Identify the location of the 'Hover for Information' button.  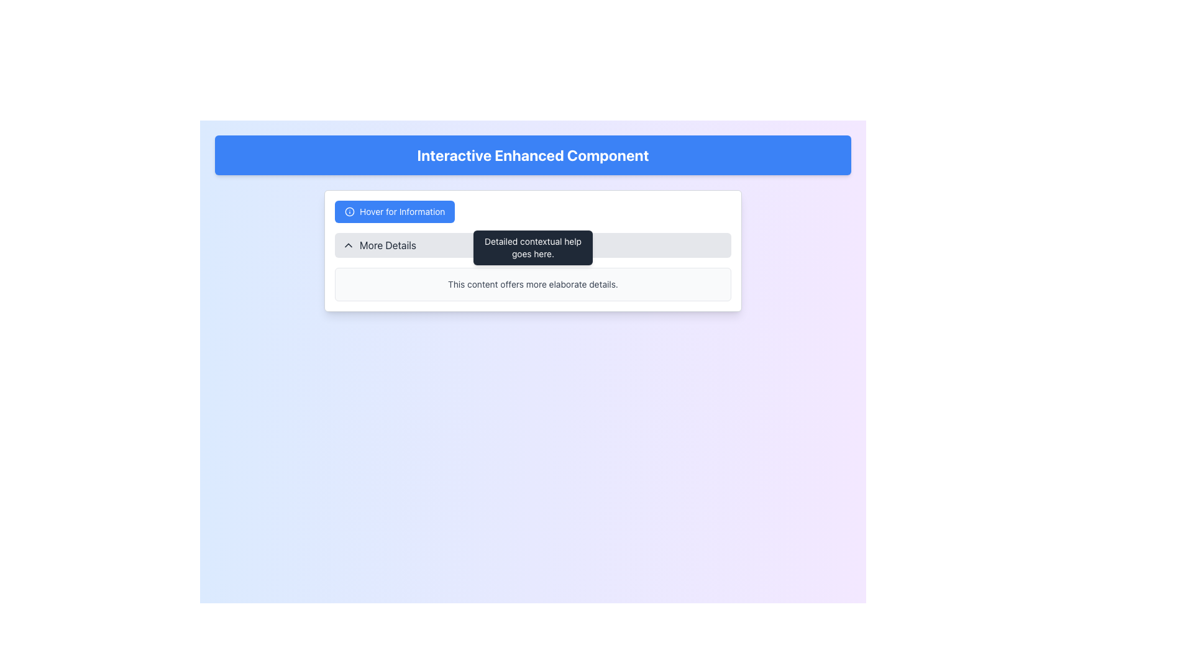
(533, 211).